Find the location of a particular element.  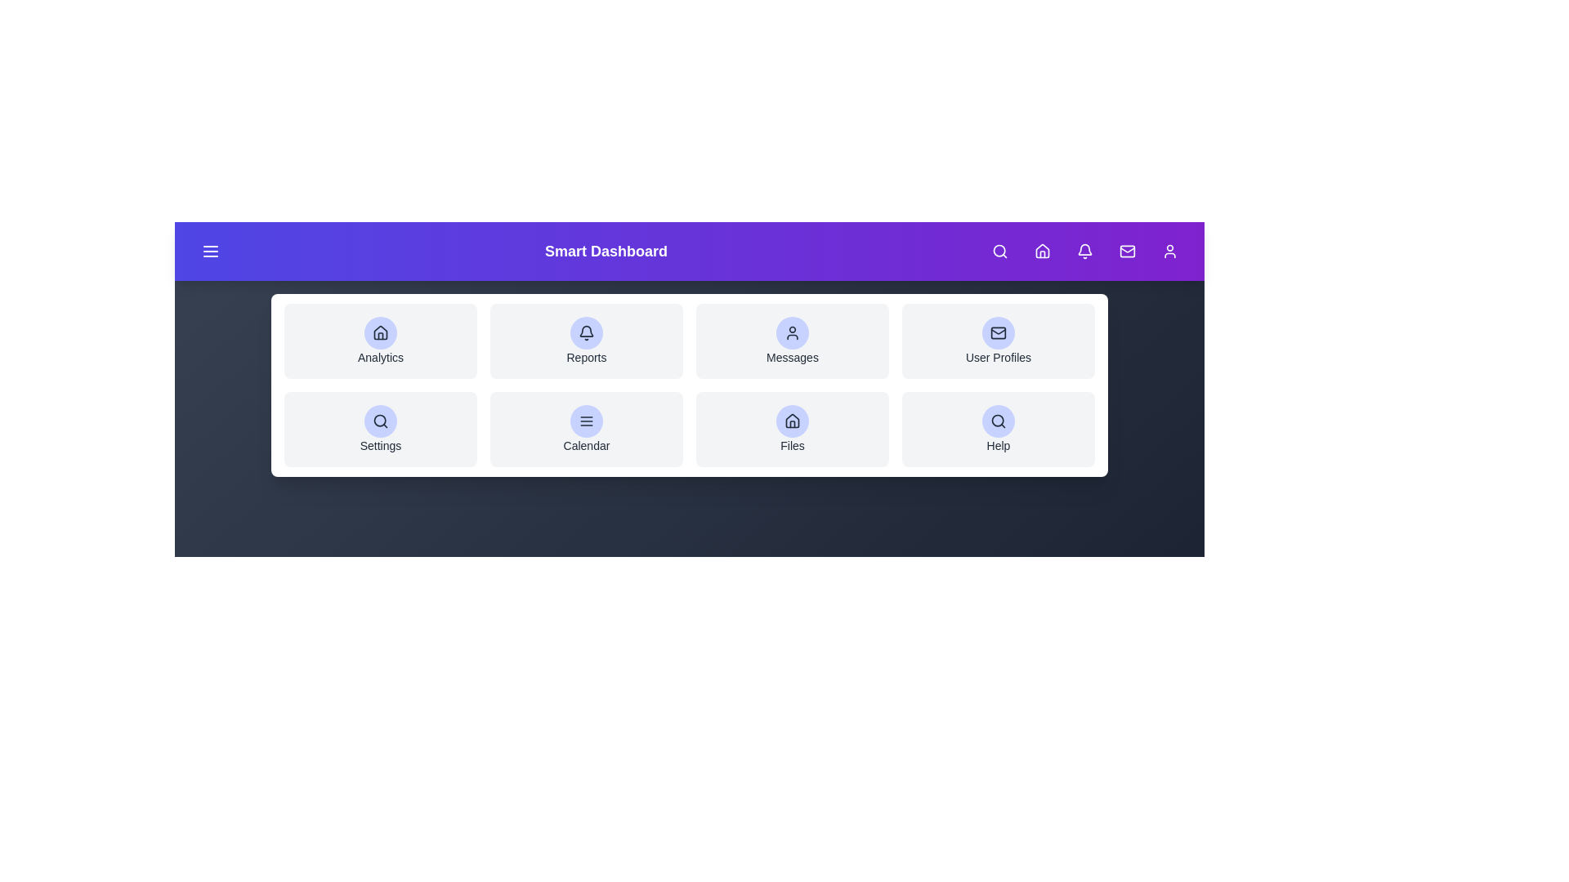

the grid item labeled Settings is located at coordinates (379, 428).